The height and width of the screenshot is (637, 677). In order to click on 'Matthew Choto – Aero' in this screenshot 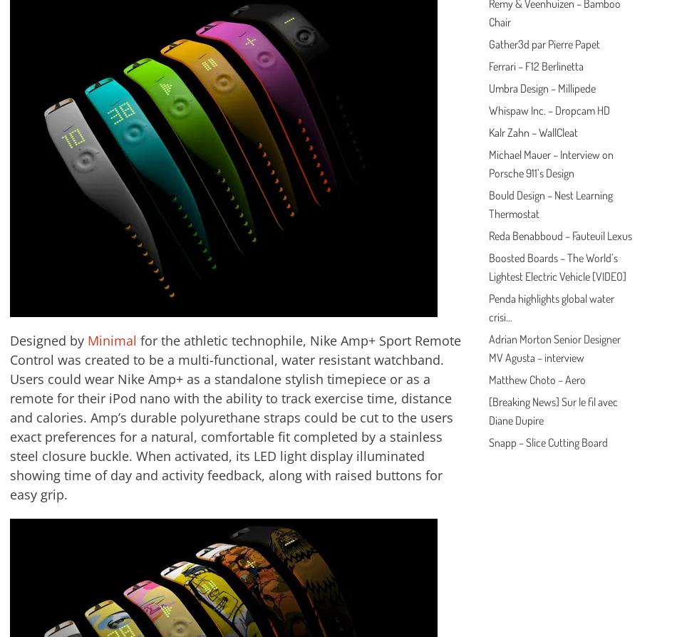, I will do `click(535, 379)`.